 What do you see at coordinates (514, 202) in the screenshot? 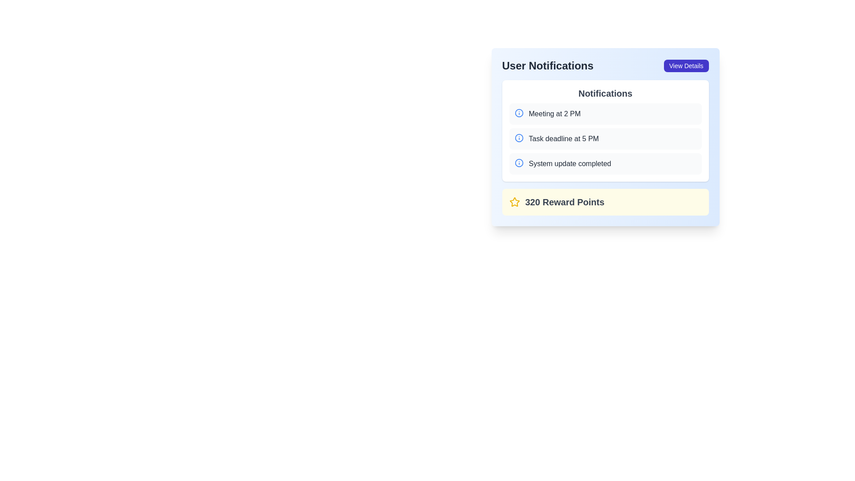
I see `the yellow outlined star icon indicating reward points, located next to the text '320 Reward Points'` at bounding box center [514, 202].